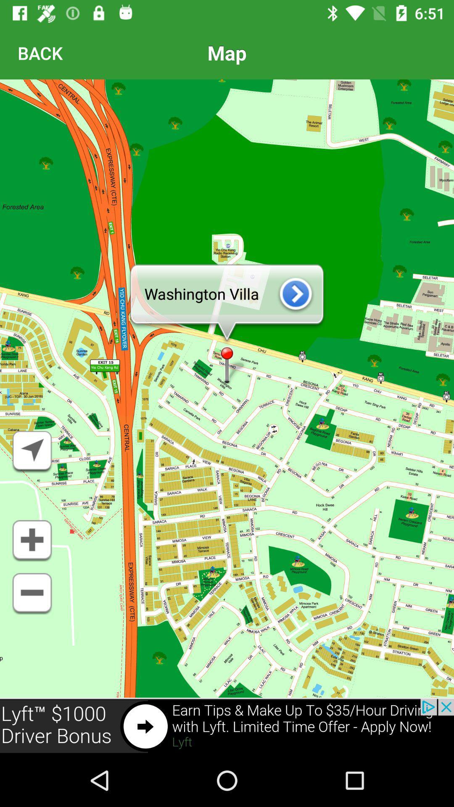  What do you see at coordinates (32, 541) in the screenshot?
I see `to favorites` at bounding box center [32, 541].